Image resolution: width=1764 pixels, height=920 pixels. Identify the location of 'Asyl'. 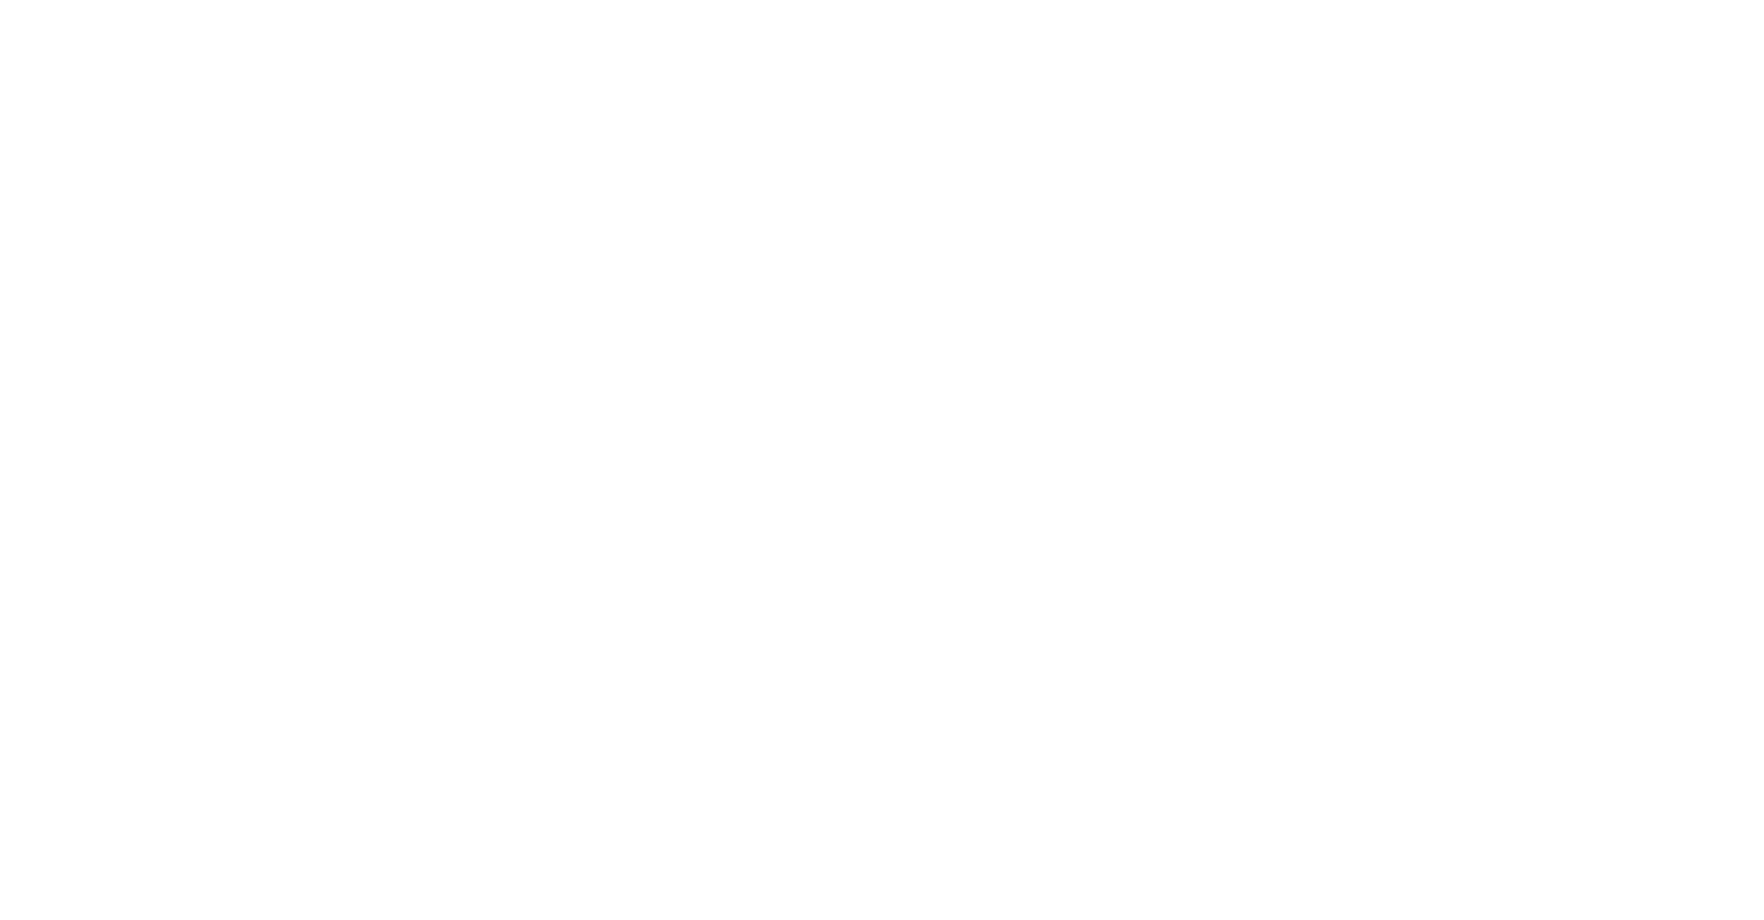
(1739, 70).